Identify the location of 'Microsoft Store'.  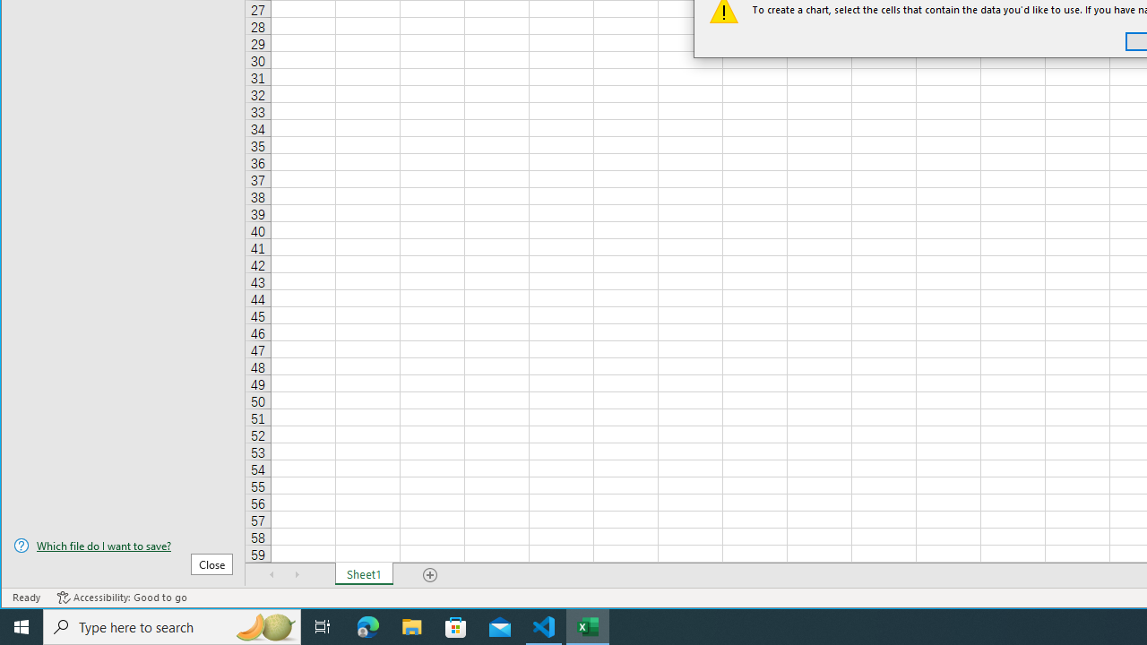
(456, 625).